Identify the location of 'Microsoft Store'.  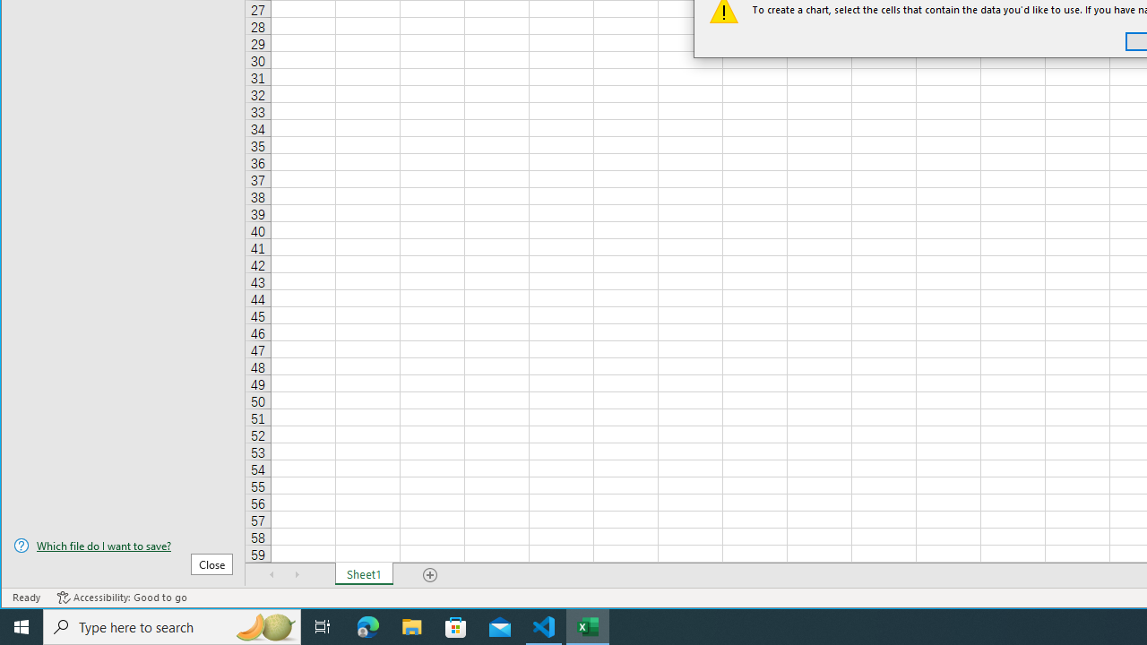
(456, 625).